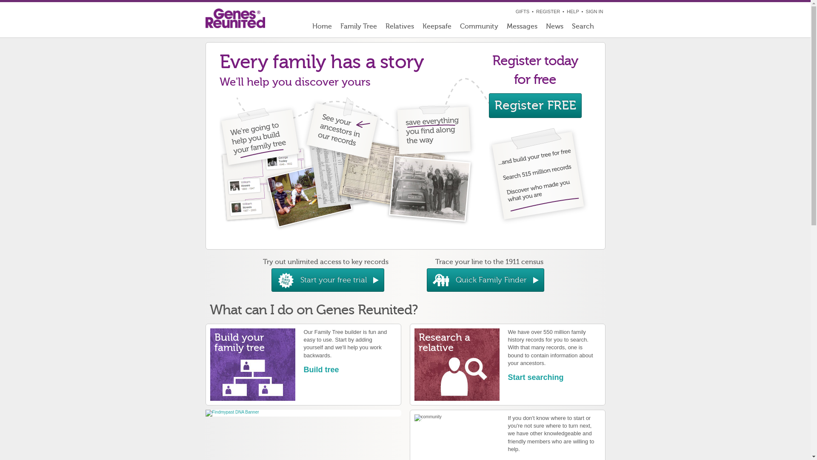  What do you see at coordinates (437, 28) in the screenshot?
I see `'Keepsafe'` at bounding box center [437, 28].